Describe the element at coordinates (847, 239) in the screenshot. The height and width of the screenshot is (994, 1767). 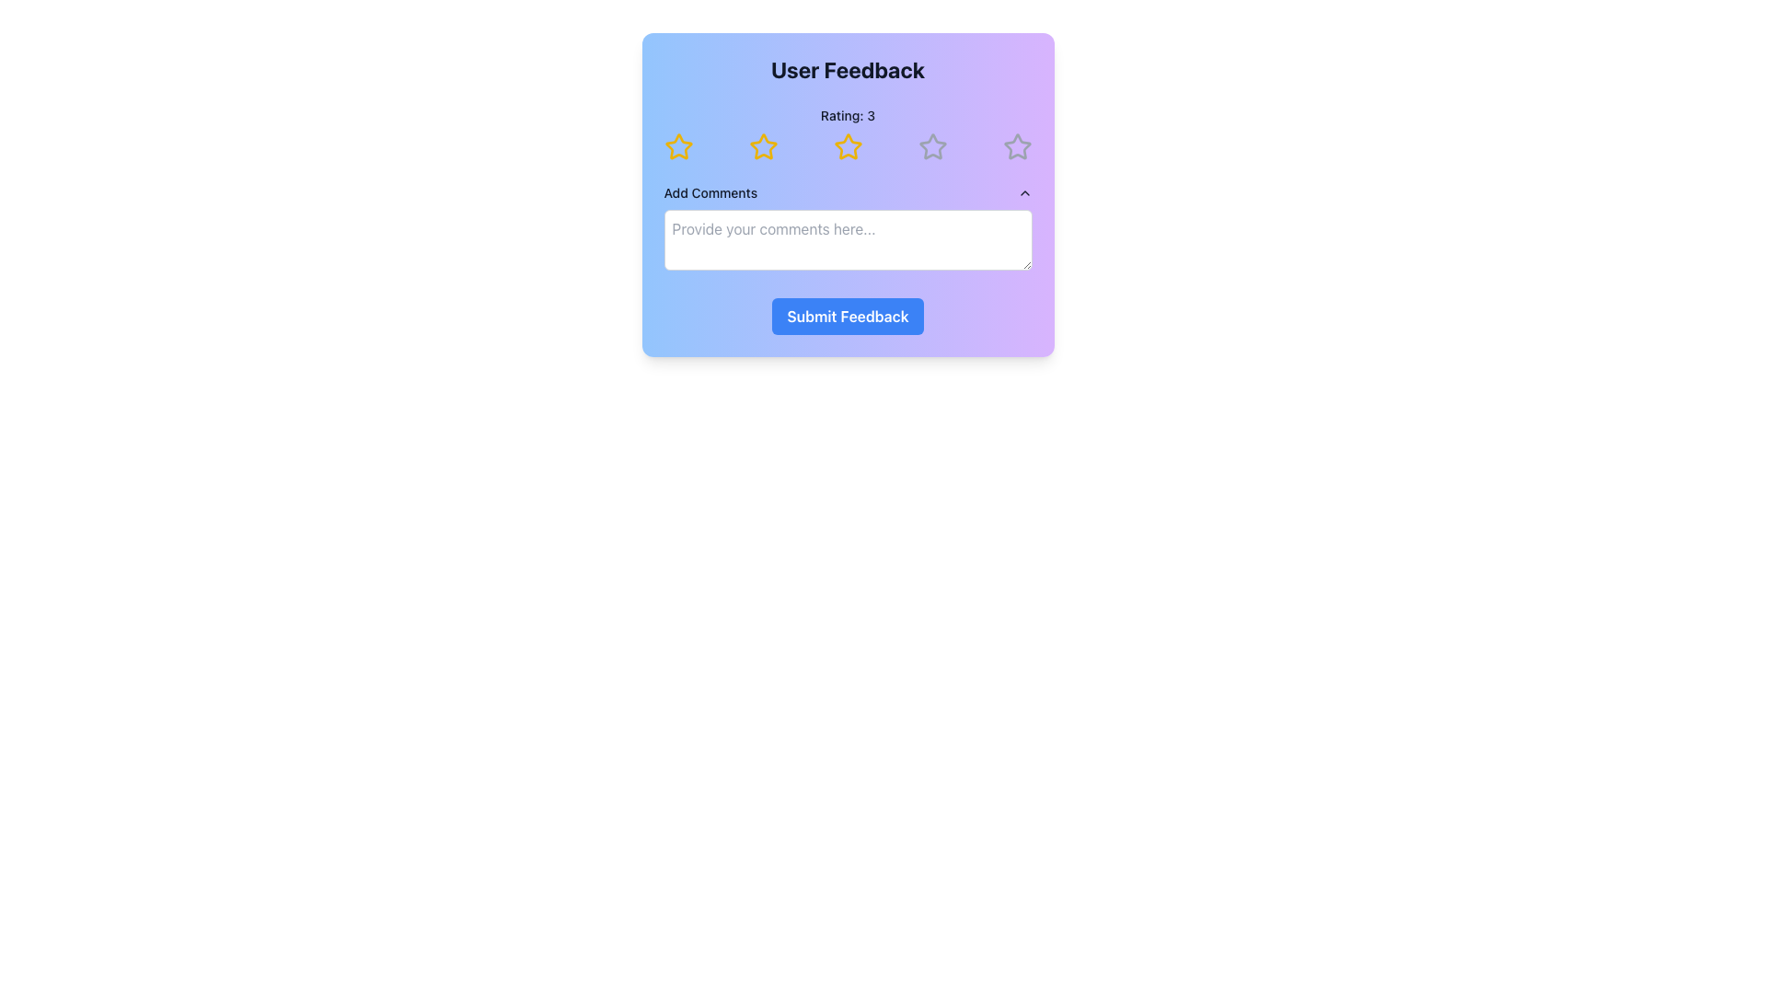
I see `the text input box with the placeholder 'Provide your comments here...'` at that location.